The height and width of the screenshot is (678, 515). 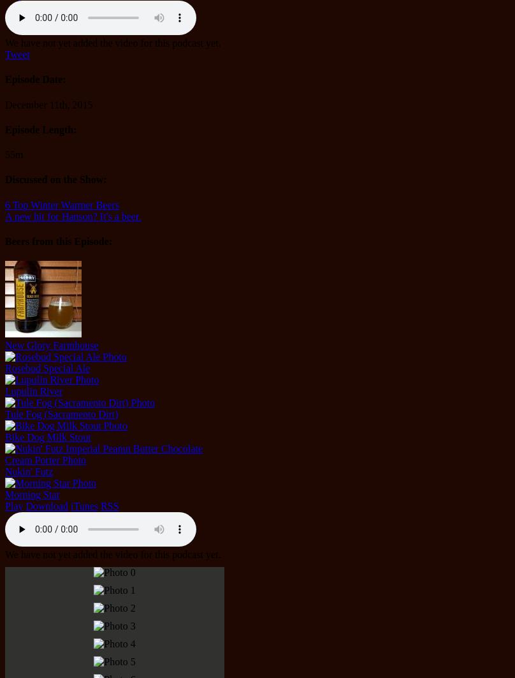 What do you see at coordinates (61, 413) in the screenshot?
I see `'Tule Fog (Sacramento Dirt)'` at bounding box center [61, 413].